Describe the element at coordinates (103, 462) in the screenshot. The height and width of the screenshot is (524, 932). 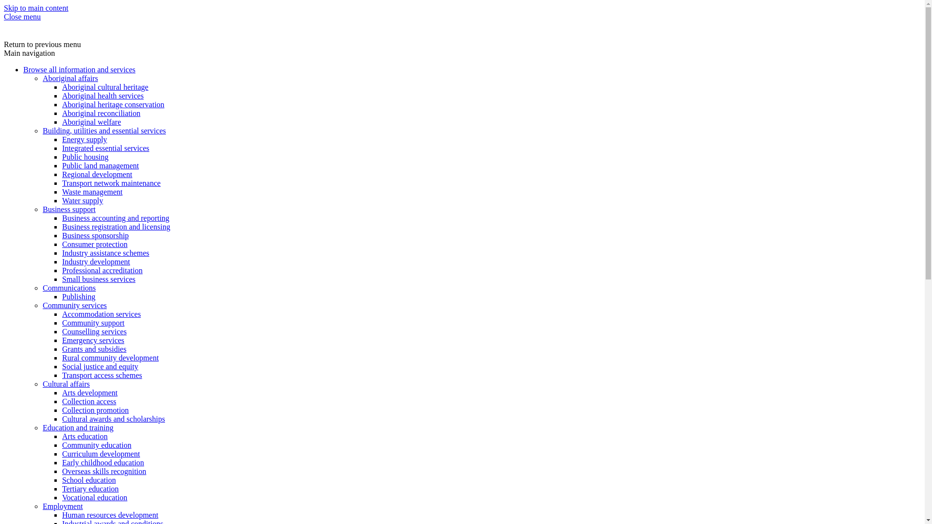
I see `'Early childhood education'` at that location.